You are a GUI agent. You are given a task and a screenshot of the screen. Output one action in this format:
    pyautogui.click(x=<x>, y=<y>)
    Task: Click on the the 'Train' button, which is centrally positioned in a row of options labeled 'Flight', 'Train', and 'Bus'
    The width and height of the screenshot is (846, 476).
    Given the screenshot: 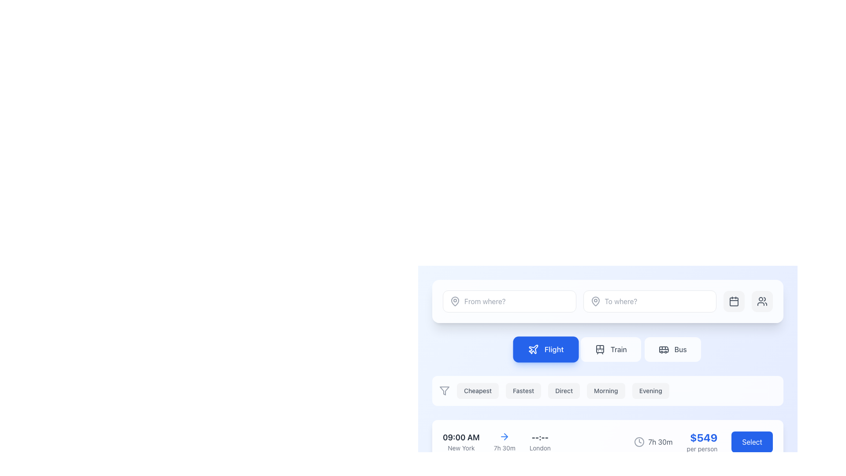 What is the action you would take?
    pyautogui.click(x=607, y=353)
    